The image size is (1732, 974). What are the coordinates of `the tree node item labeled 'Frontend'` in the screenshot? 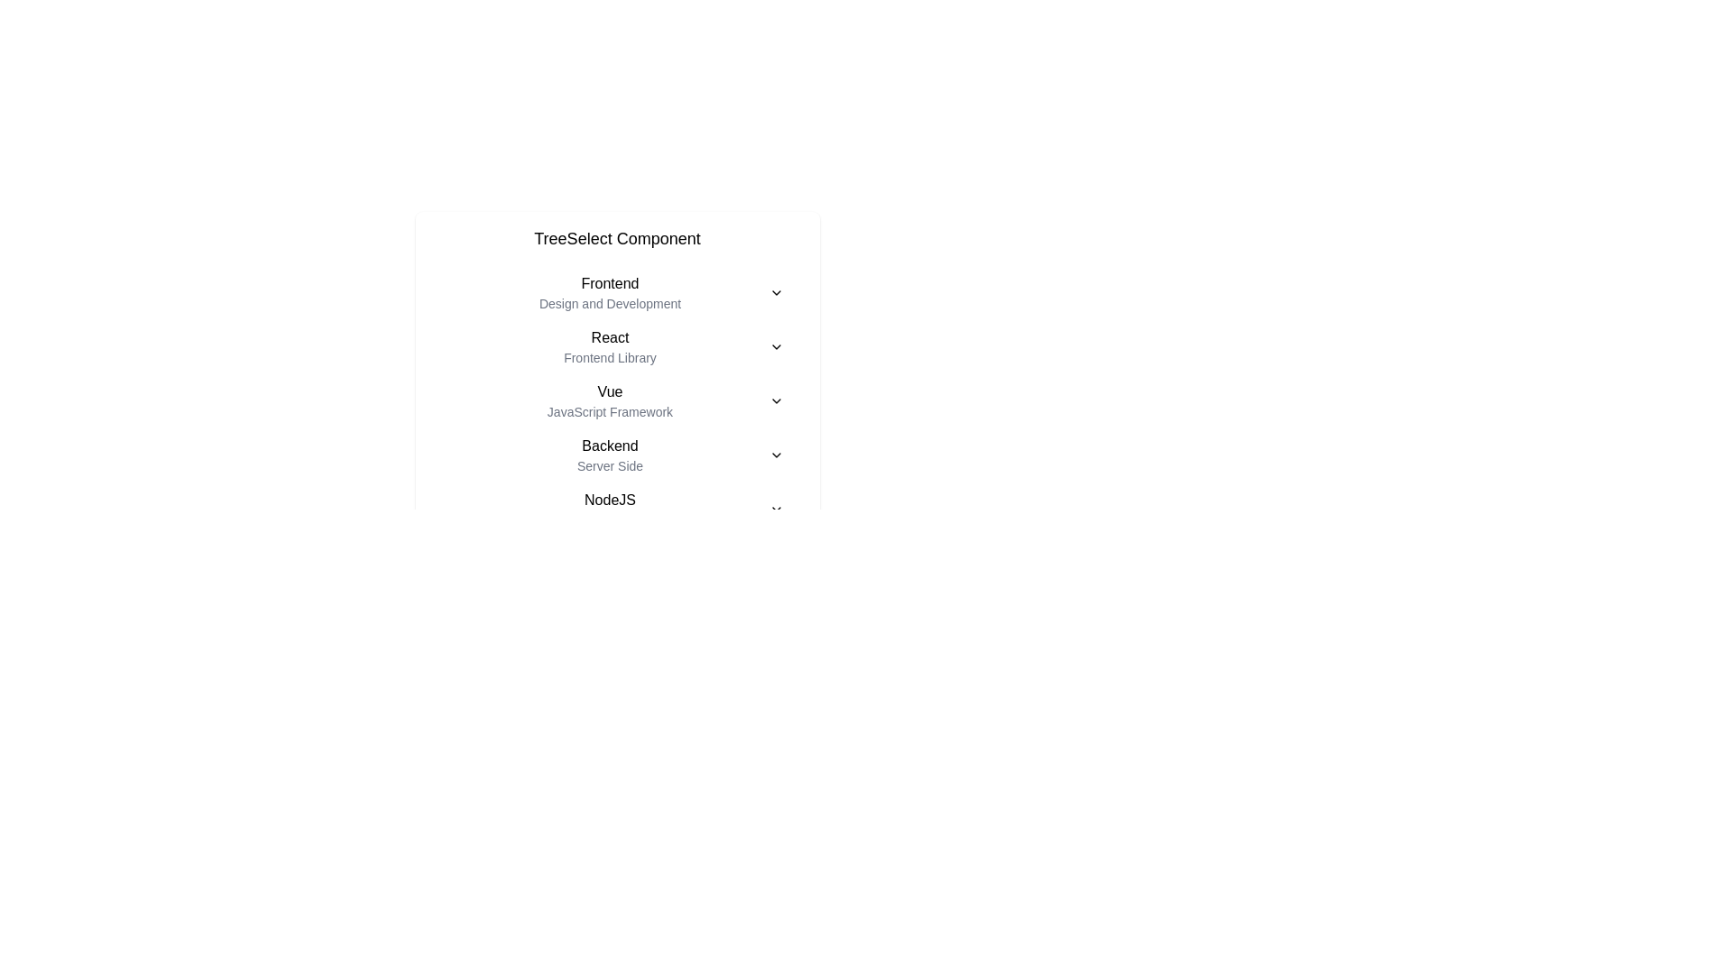 It's located at (610, 291).